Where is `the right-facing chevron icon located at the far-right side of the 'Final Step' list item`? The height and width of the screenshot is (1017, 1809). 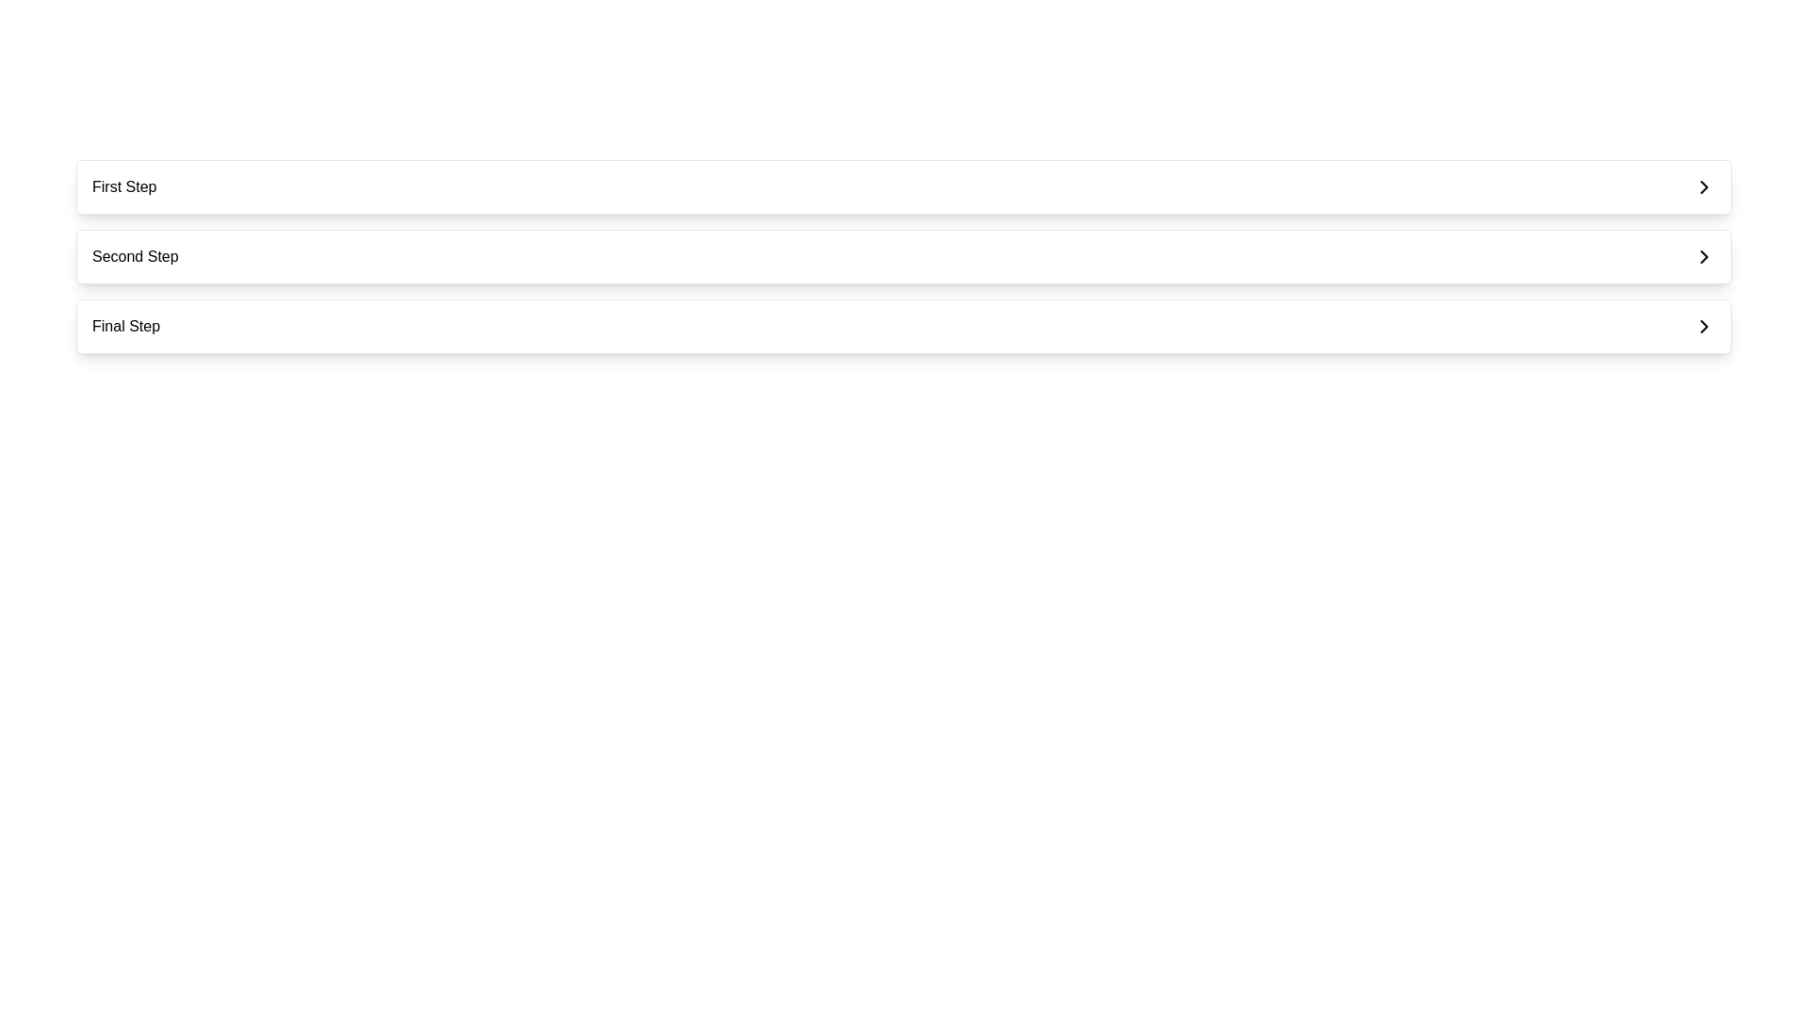
the right-facing chevron icon located at the far-right side of the 'Final Step' list item is located at coordinates (1704, 326).